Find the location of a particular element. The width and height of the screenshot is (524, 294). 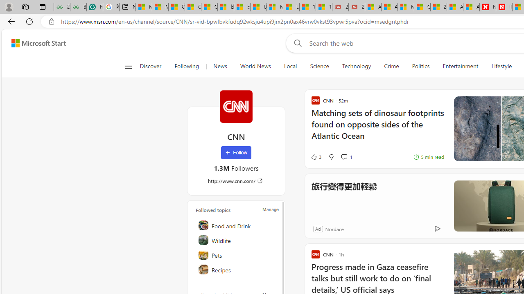

'Lifestyle' is located at coordinates (501, 66).